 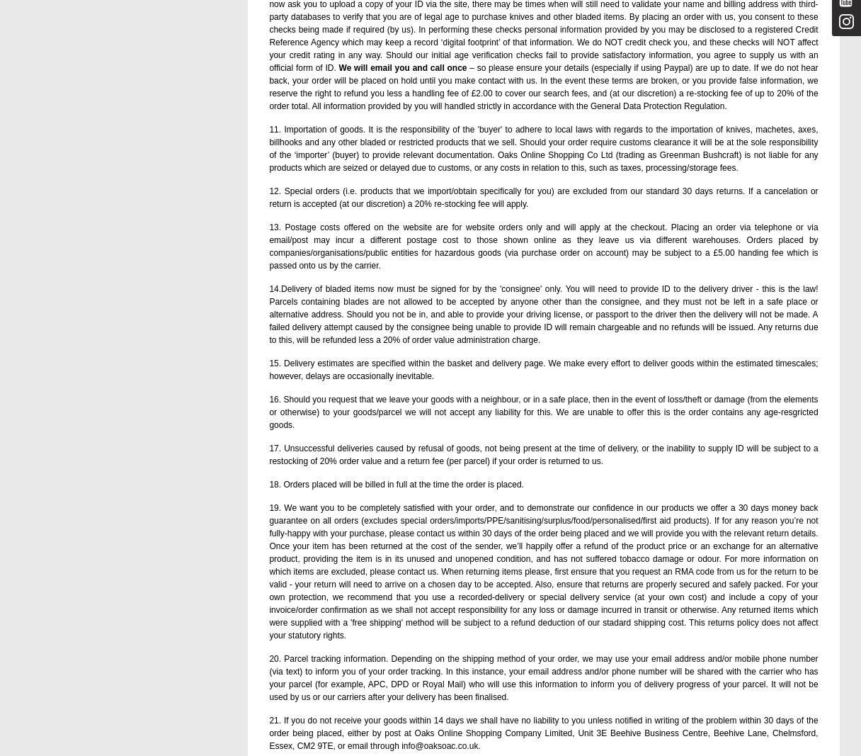 I want to click on '21. If you do not receive your goods within 14 days we shall have no liability to you unless notified in writing of the problem within 30 days of the order being placed, either by post at Oaks Online Shopping Company Limited, Unit 3E Beehive Business Centre, Beehive Lane, Chelmsford, Essex, CM2 9TE, or email through info@oaksoac.co.uk.', so click(x=543, y=733).